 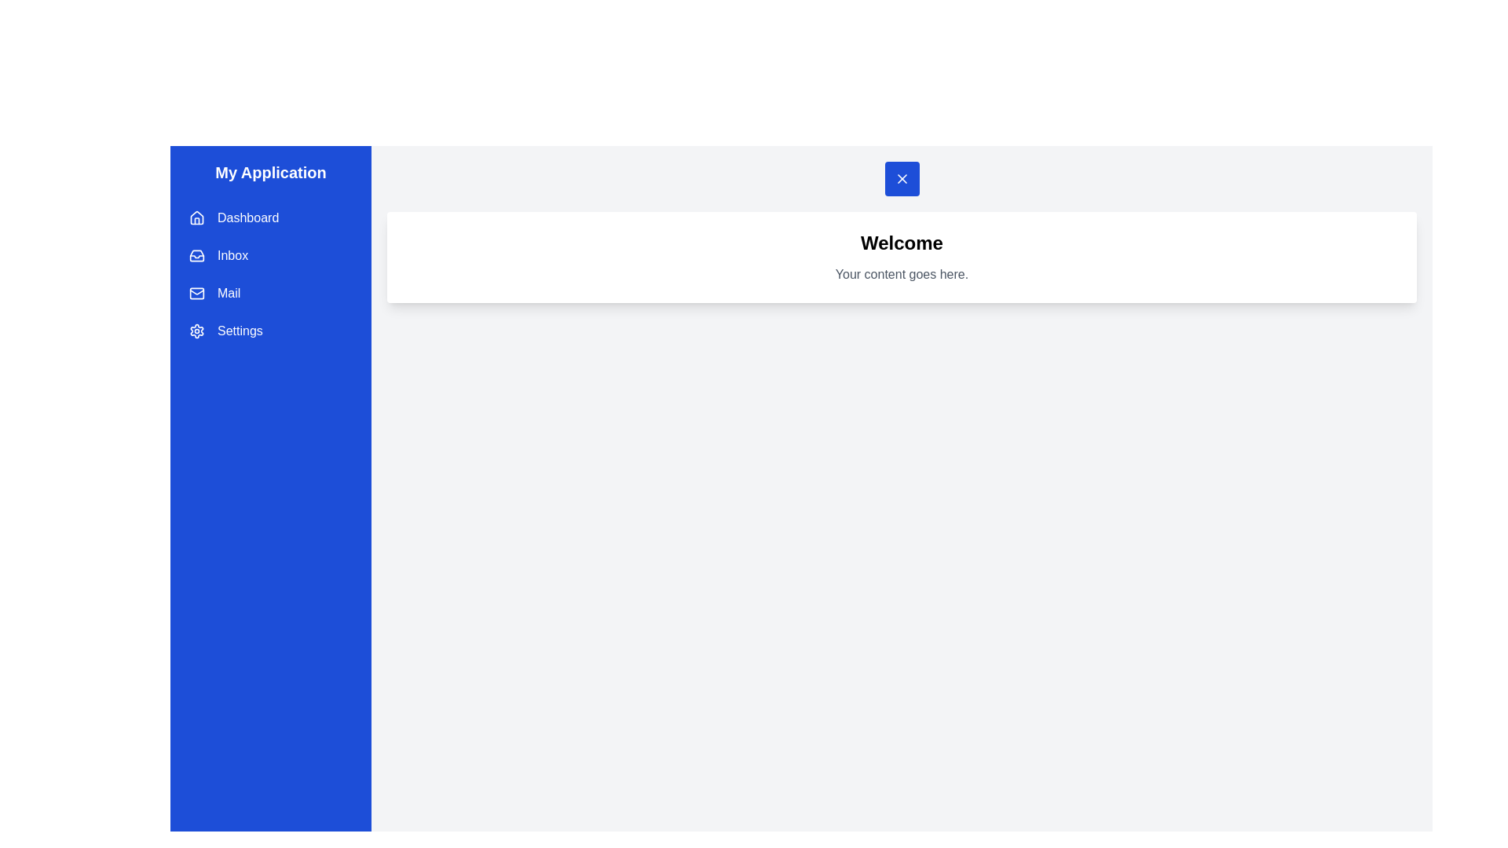 I want to click on the menu item Settings from the drawer, so click(x=271, y=330).